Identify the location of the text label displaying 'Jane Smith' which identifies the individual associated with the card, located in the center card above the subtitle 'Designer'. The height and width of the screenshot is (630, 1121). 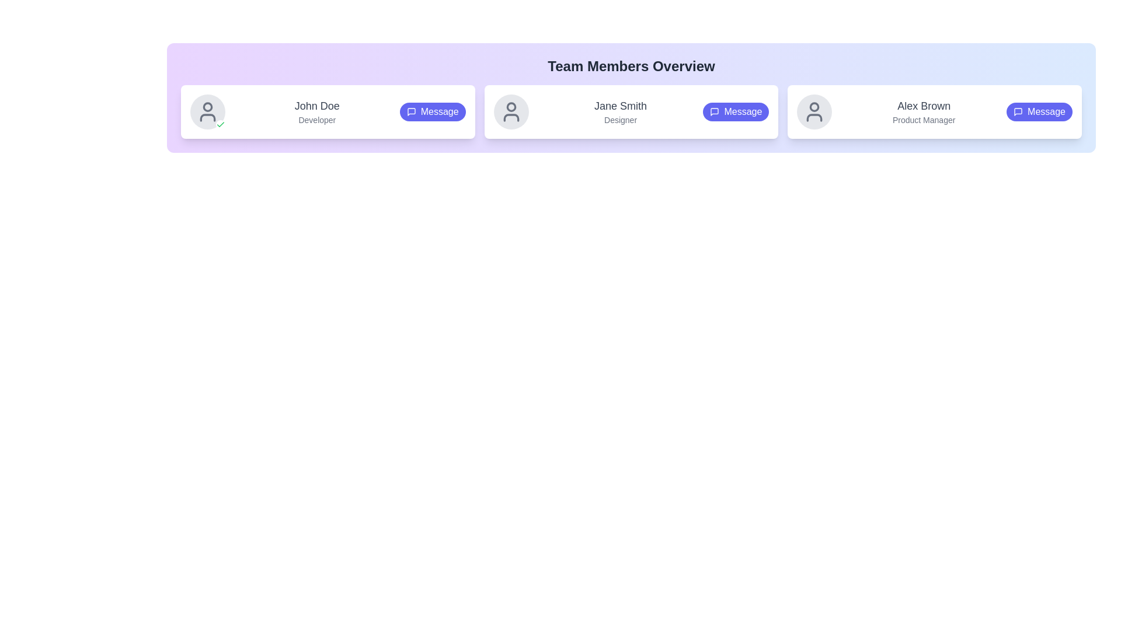
(620, 106).